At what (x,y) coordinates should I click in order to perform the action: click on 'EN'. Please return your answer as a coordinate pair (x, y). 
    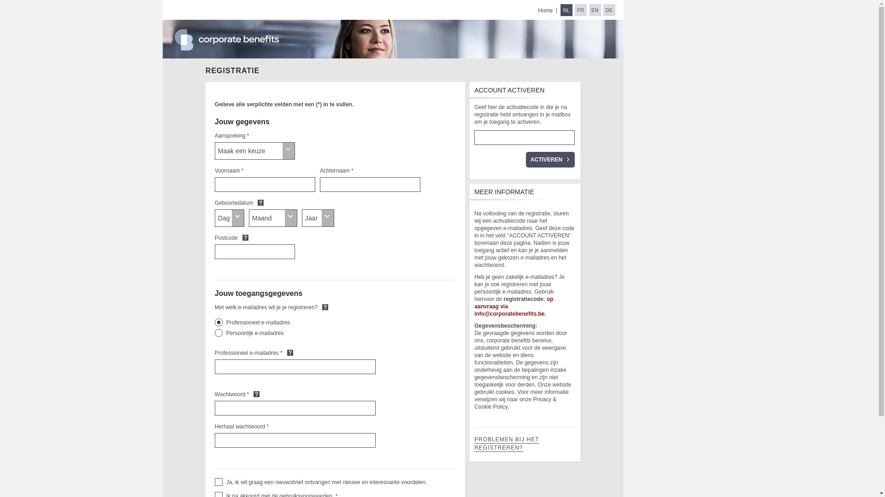
    Looking at the image, I should click on (595, 10).